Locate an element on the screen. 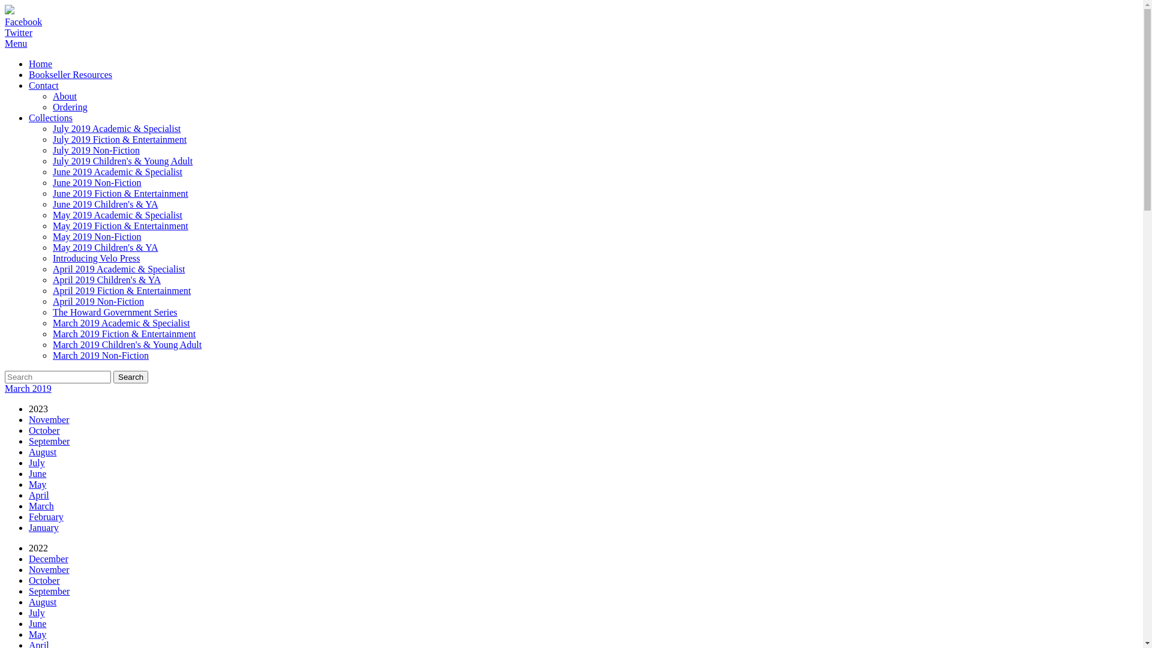  'May' is located at coordinates (29, 484).